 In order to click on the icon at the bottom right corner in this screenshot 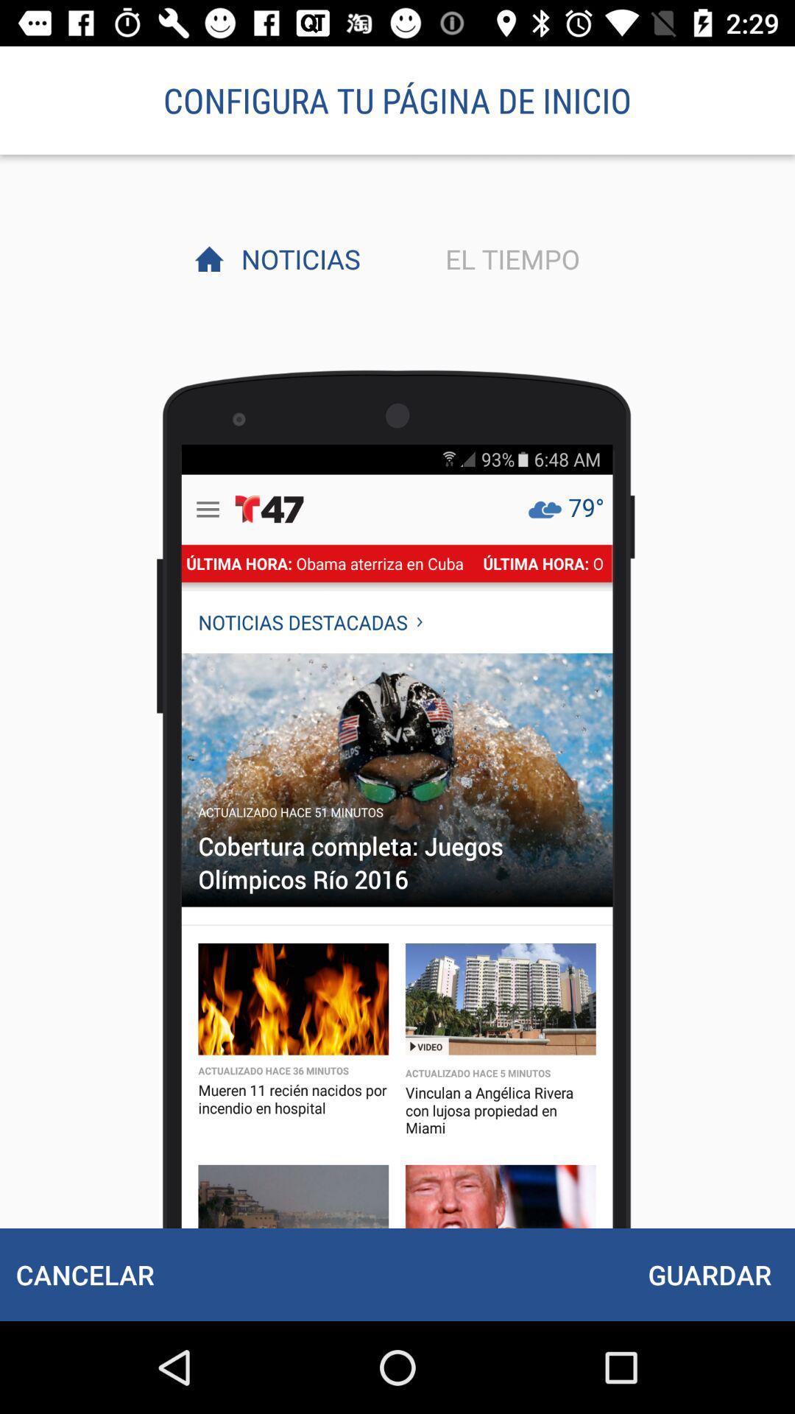, I will do `click(709, 1274)`.